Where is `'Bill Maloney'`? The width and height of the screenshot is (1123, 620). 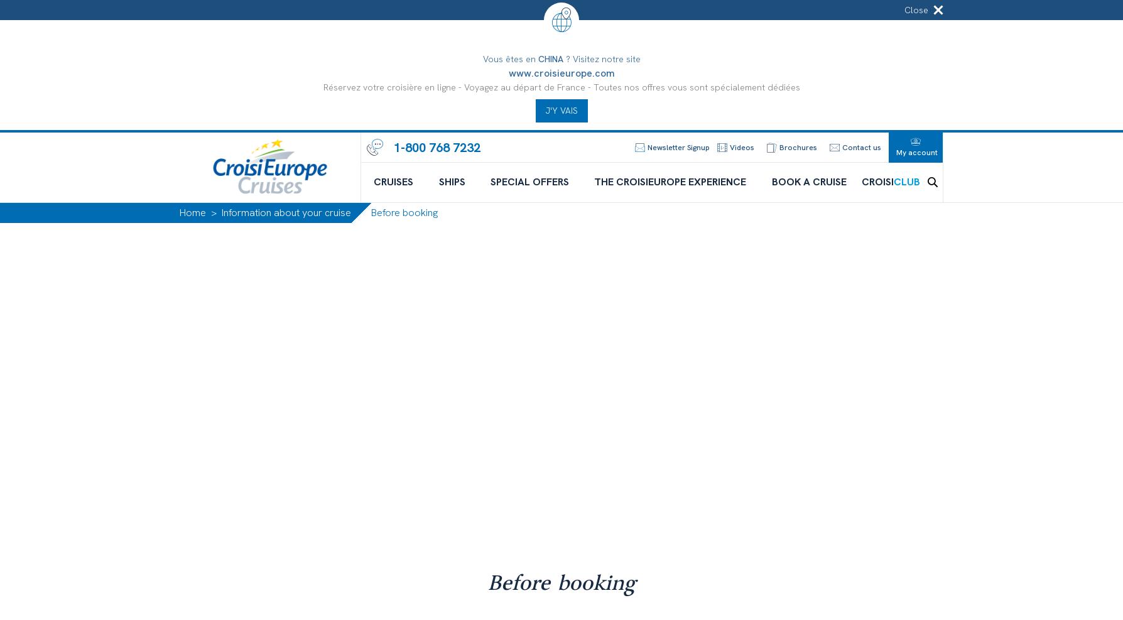
'Bill Maloney' is located at coordinates (583, 603).